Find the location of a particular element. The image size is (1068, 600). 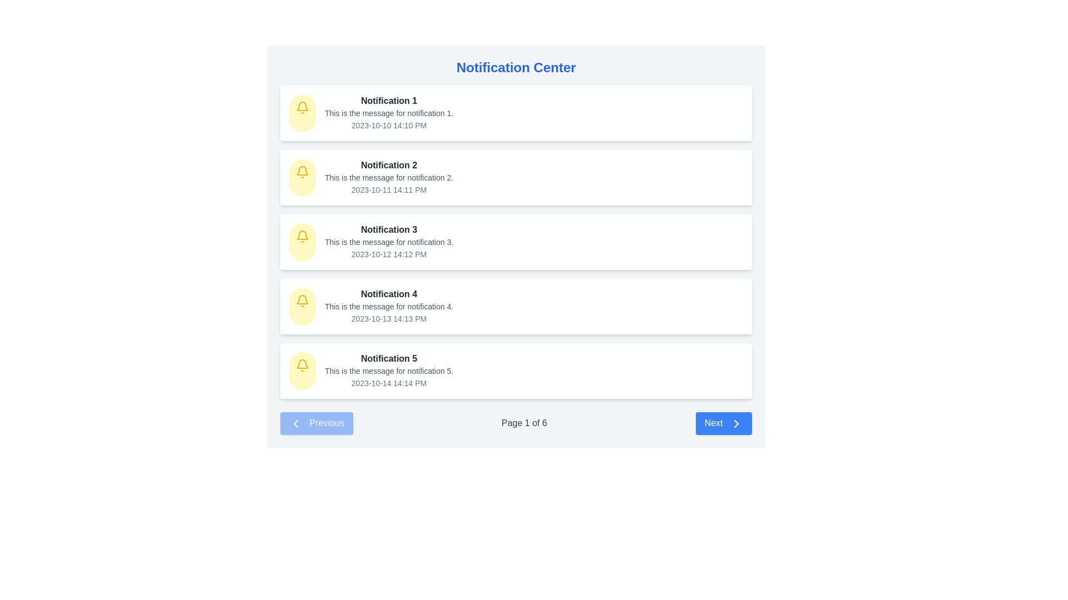

the bell icon element that serves as a notification indicator in the Notification Center interface, specifically the part of the bell illustration that is the third notification's icon is located at coordinates (302, 234).